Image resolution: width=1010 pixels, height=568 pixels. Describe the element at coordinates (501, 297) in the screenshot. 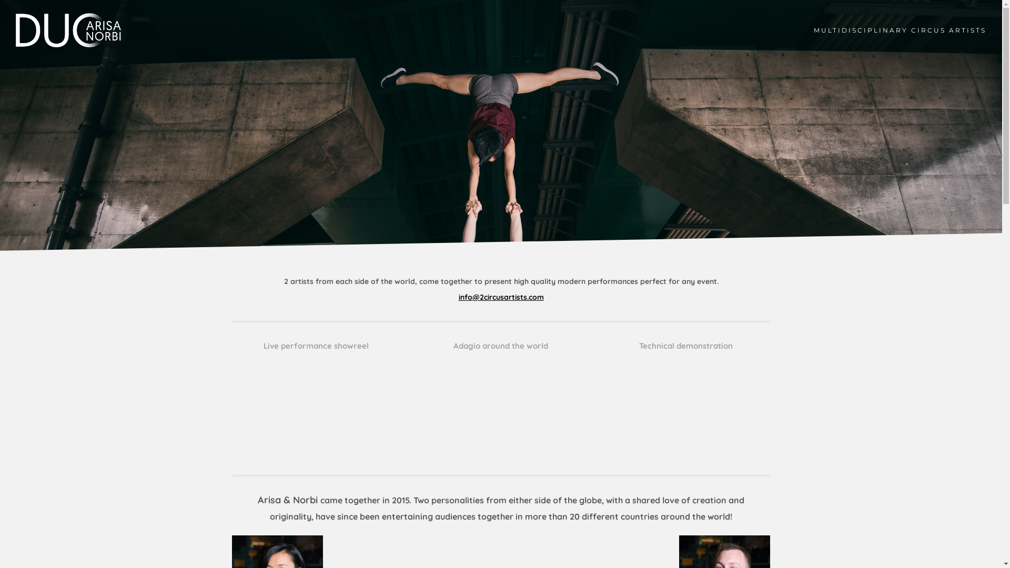

I see `'info@2circusartists.com'` at that location.